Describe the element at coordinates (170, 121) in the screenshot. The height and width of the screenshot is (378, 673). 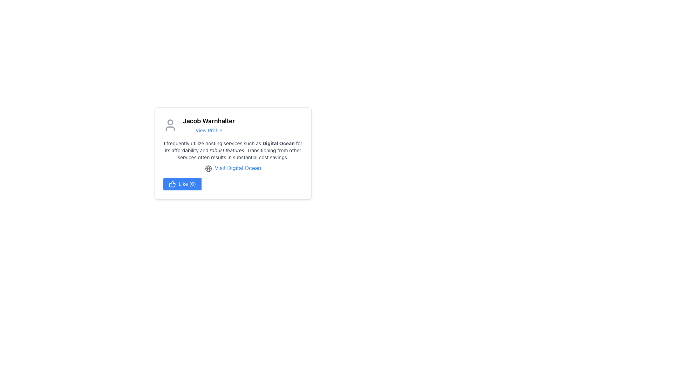
I see `the SVG Circle element that visually represents the user's profile indication, located at the top section of the user profile card` at that location.